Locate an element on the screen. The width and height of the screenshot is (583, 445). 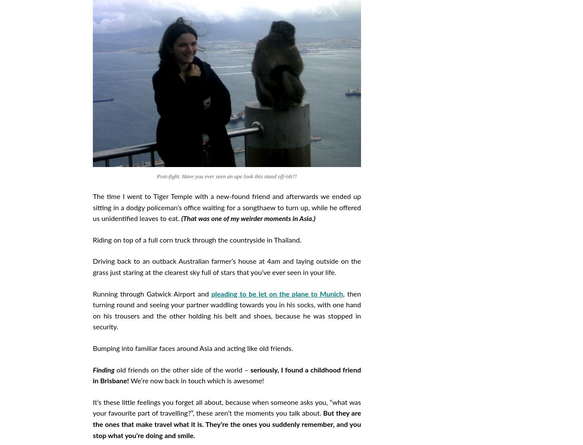
'It’s these little feelings you forget all about, because when someone asks you, “what was your favourite part of travelling?”, these aren’t the moments you talk about.' is located at coordinates (226, 407).